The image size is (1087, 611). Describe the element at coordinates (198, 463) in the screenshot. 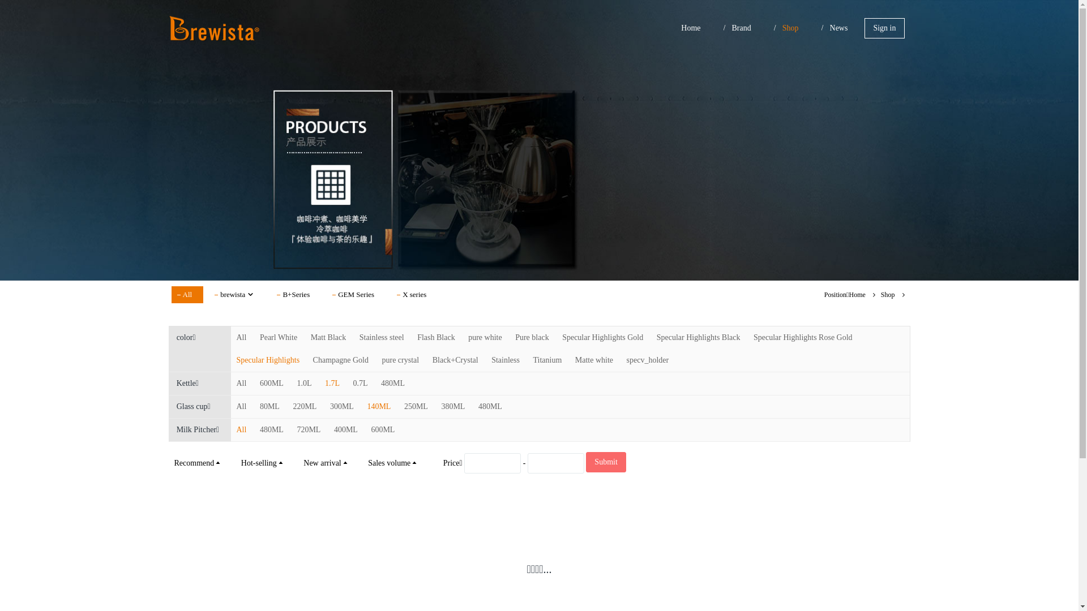

I see `'Recommend'` at that location.